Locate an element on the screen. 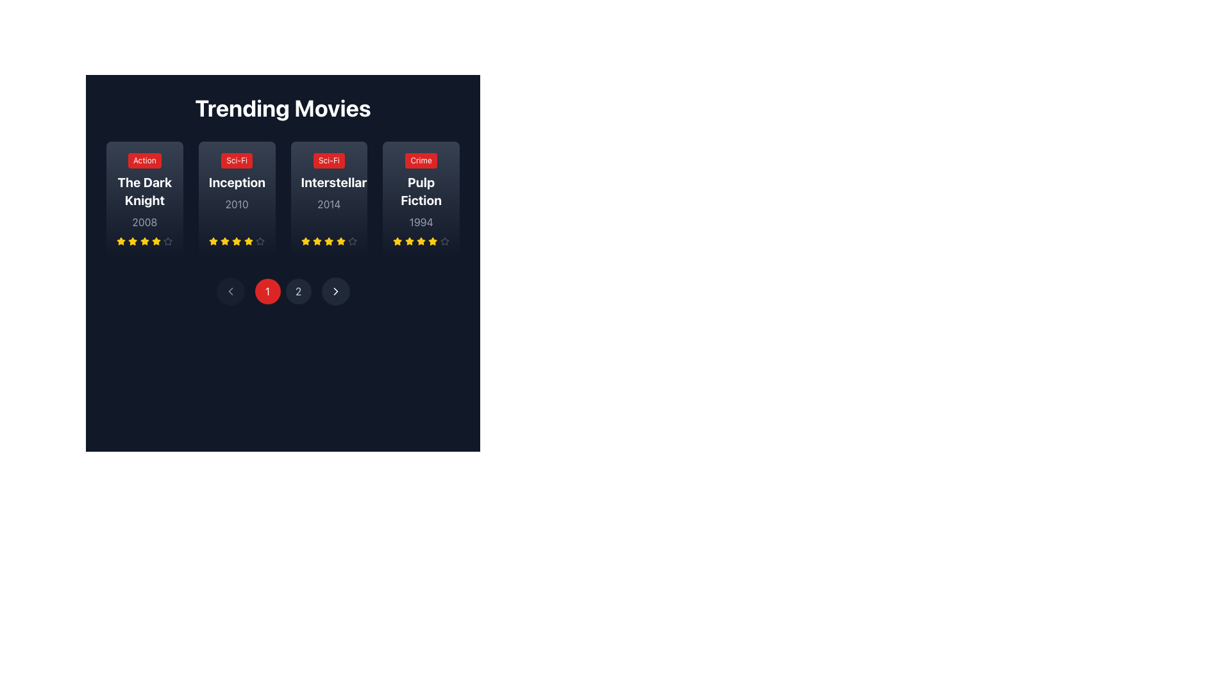 This screenshot has height=692, width=1231. the second star icon in the rating system below the movie title 'Inception' to interact with the rating system is located at coordinates (249, 241).